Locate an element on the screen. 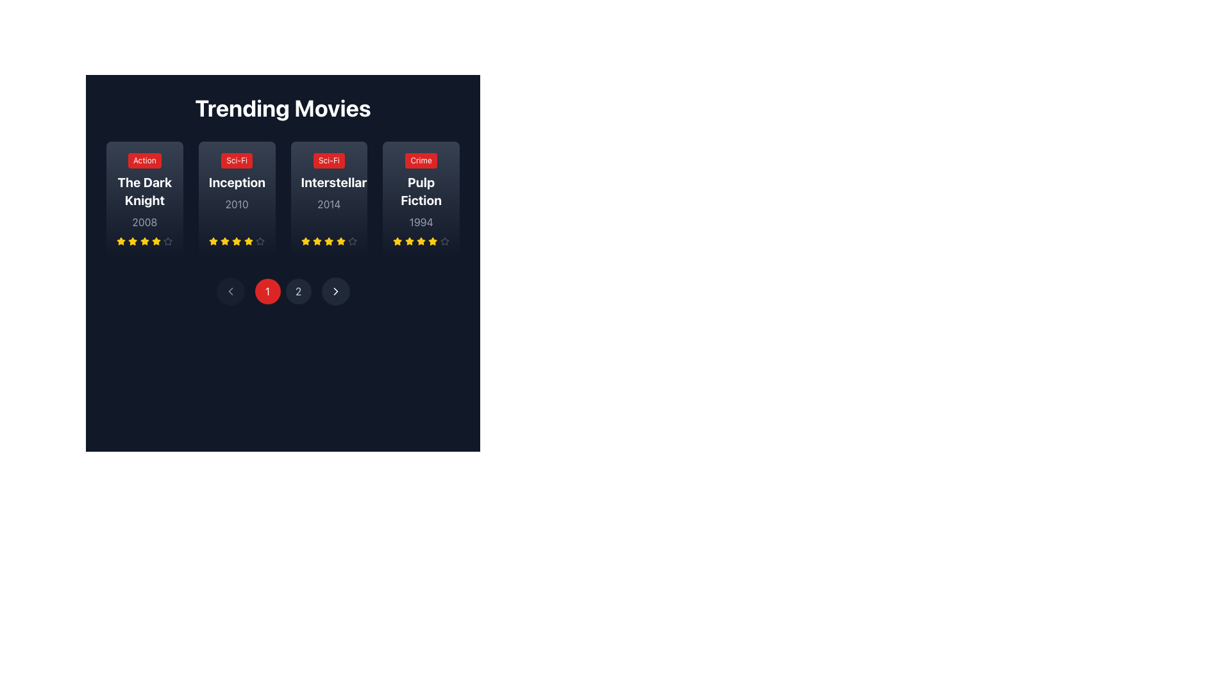 This screenshot has height=692, width=1231. the second star icon in the rating system below the movie title 'Inception' to interact with the rating system is located at coordinates (249, 241).